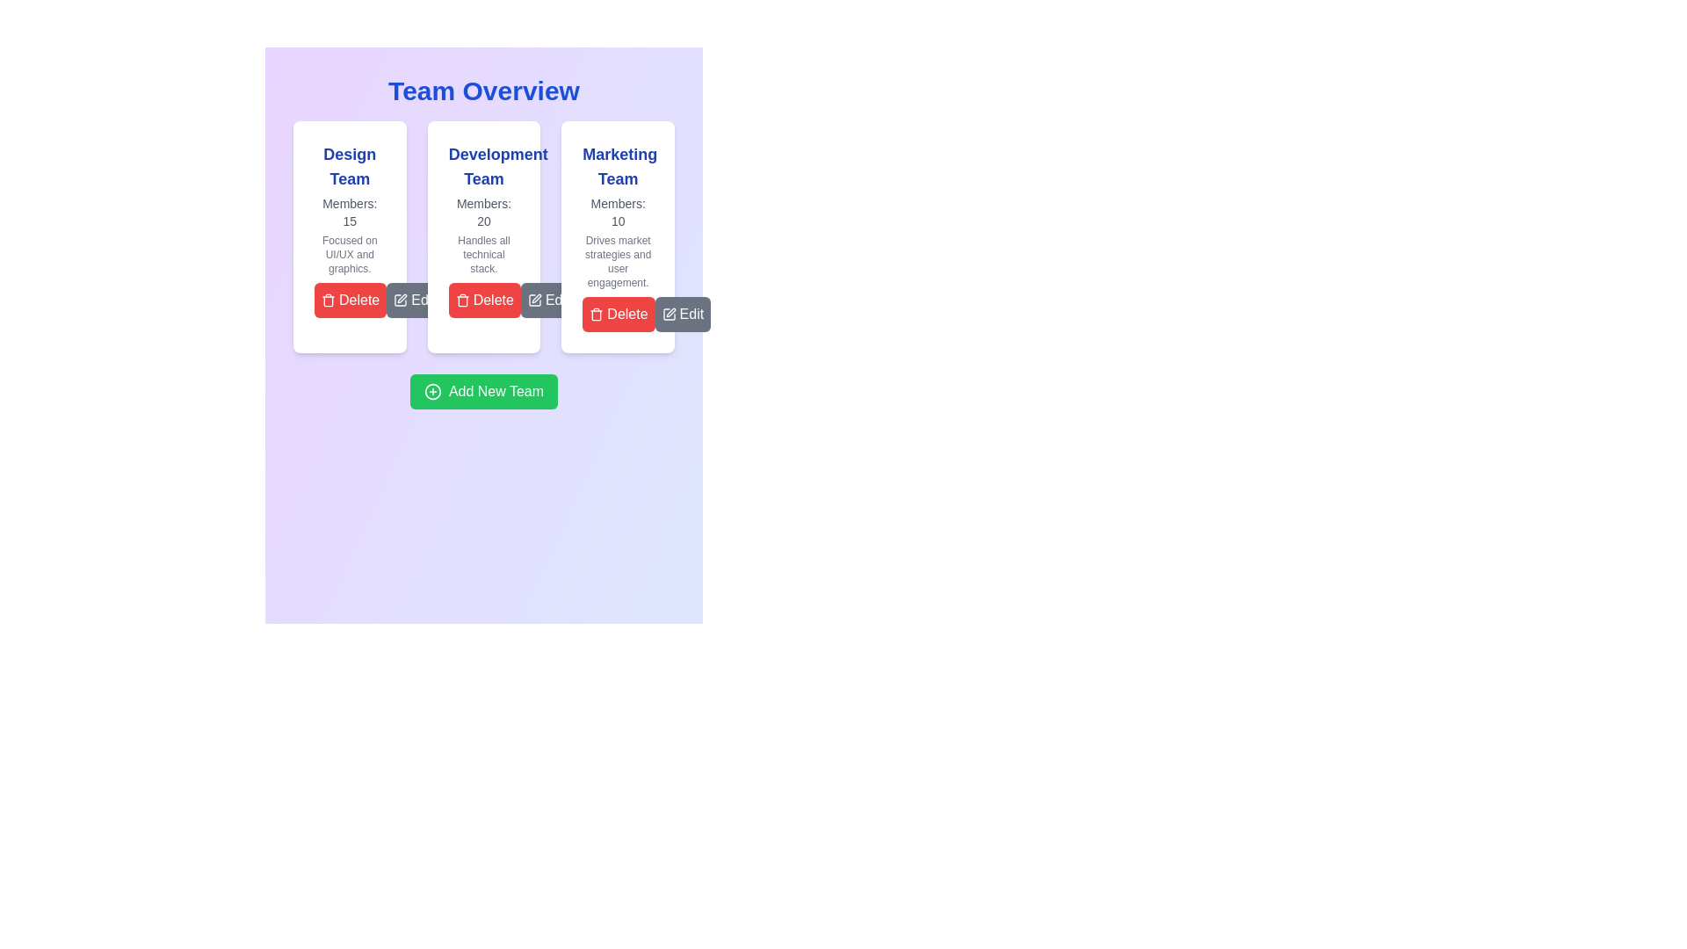  What do you see at coordinates (414, 300) in the screenshot?
I see `the 'Edit' button with white text on a gray background, located in the 'Development Team' section, to initiate editing` at bounding box center [414, 300].